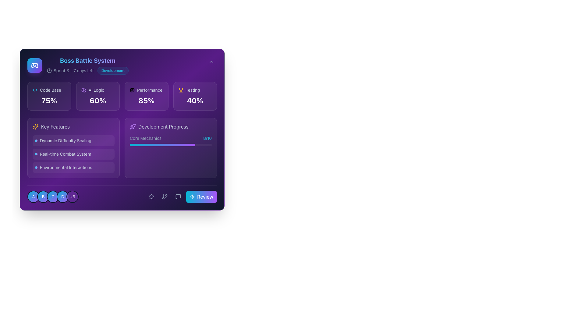 This screenshot has height=329, width=585. What do you see at coordinates (211, 62) in the screenshot?
I see `the toggle icon located in the top-right corner of the interface to indicate expansion or collapse of the associated section` at bounding box center [211, 62].